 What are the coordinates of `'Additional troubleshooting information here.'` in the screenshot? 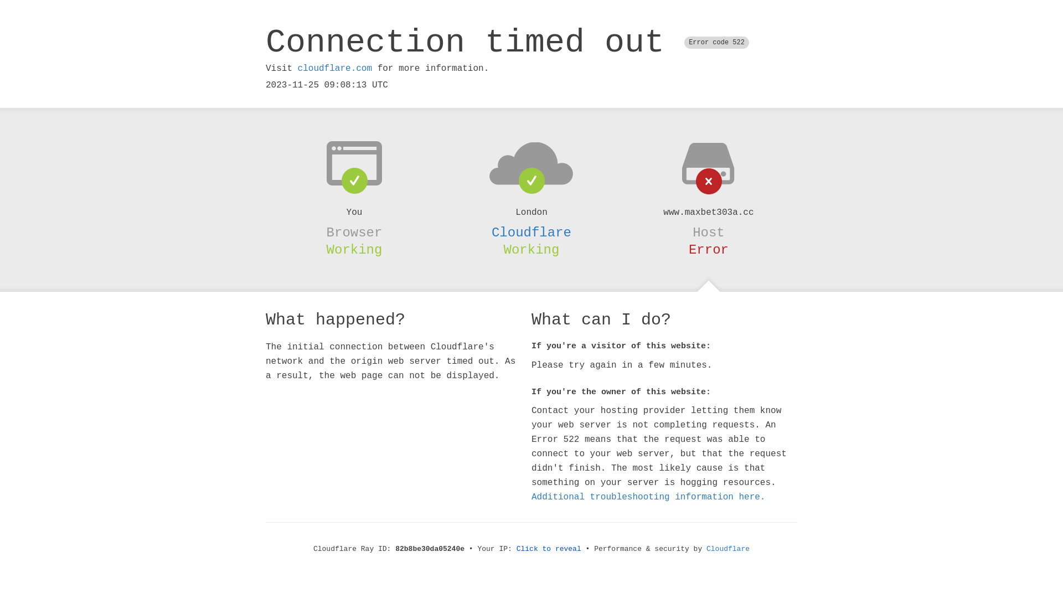 It's located at (648, 497).